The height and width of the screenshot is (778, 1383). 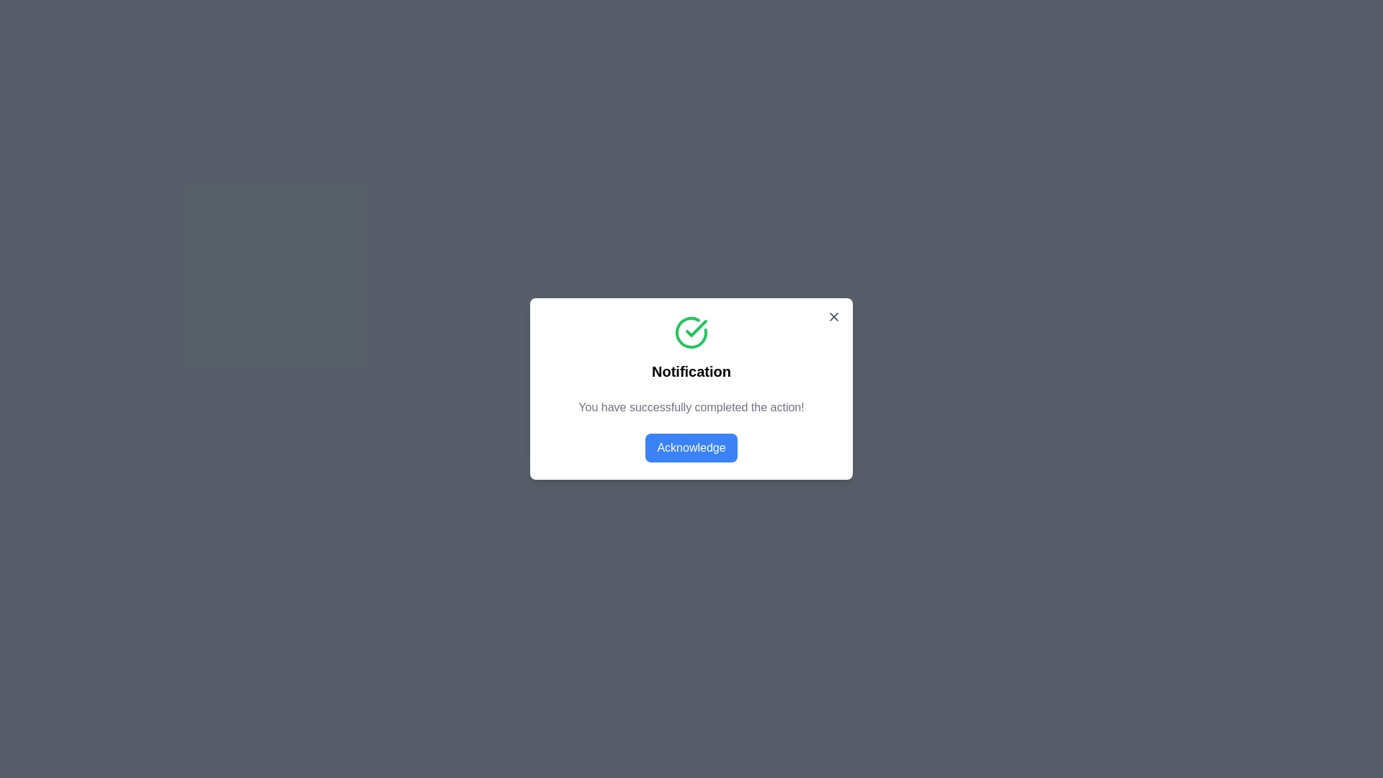 What do you see at coordinates (691, 333) in the screenshot?
I see `the circular green checkmark icon located above the title 'Notification' within the dialog box` at bounding box center [691, 333].